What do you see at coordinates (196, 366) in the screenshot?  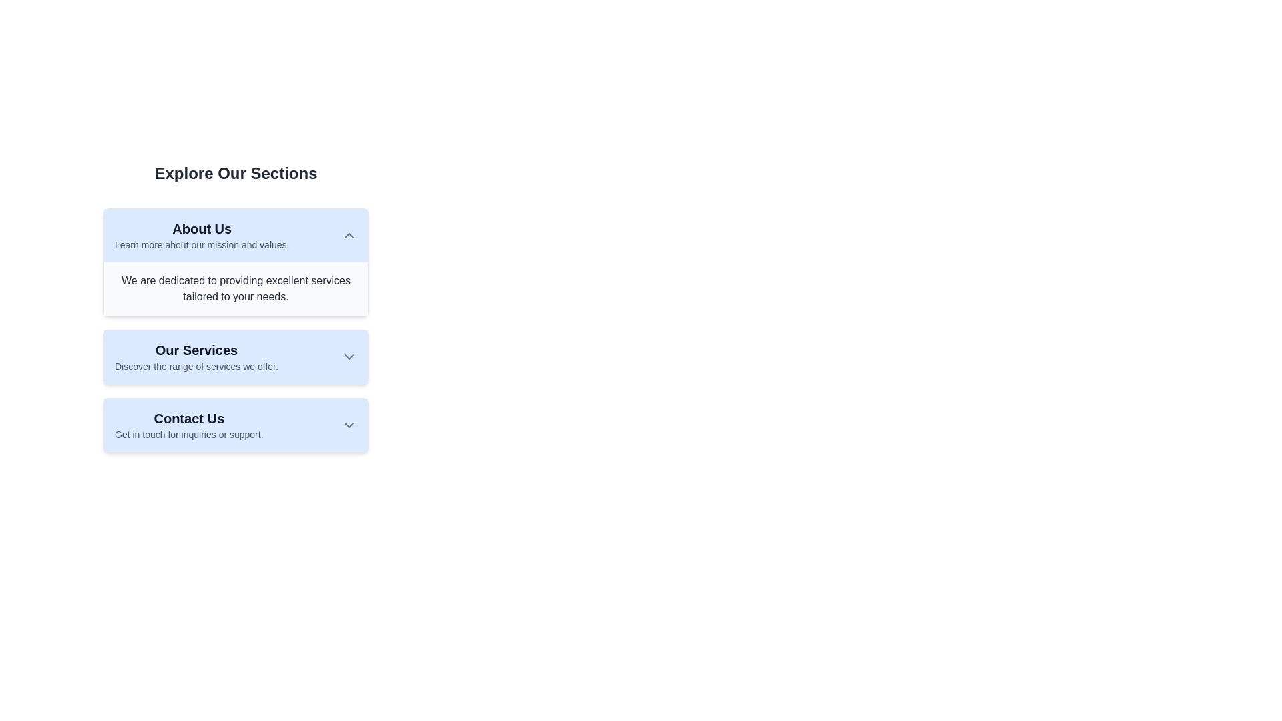 I see `the text element that displays the phrase 'Discover the range of services we offer.' which is styled in a small gray font and located underneath 'Our Services'` at bounding box center [196, 366].